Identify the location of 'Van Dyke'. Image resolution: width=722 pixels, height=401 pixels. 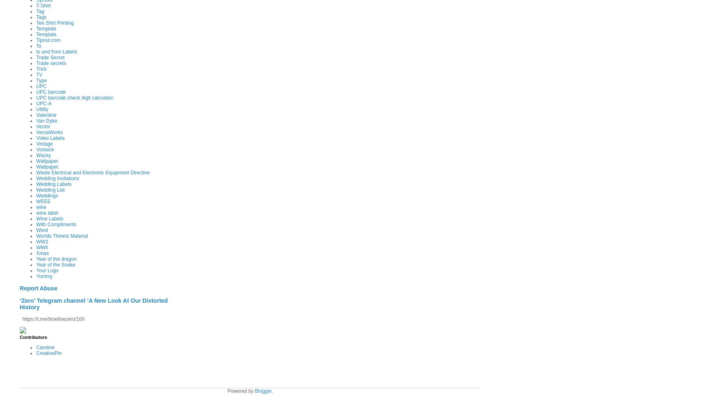
(36, 120).